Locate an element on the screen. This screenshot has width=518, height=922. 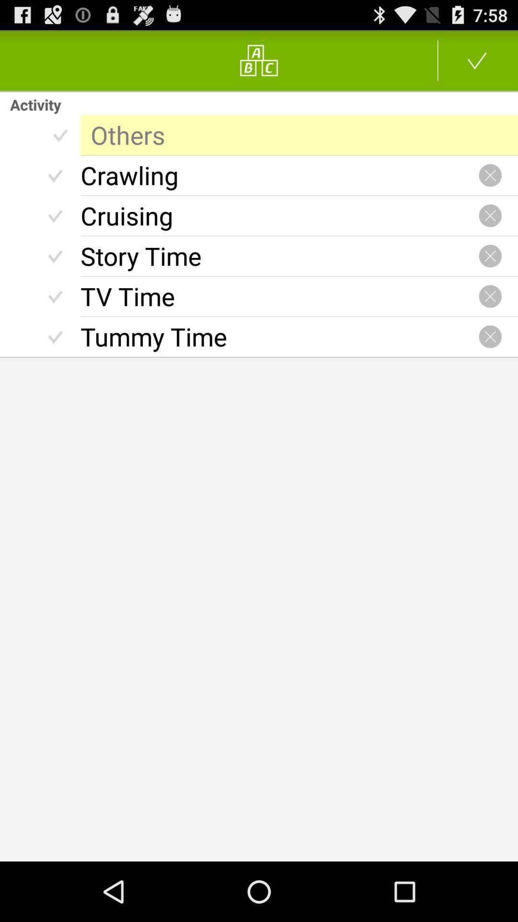
the tummy time is located at coordinates (279, 337).